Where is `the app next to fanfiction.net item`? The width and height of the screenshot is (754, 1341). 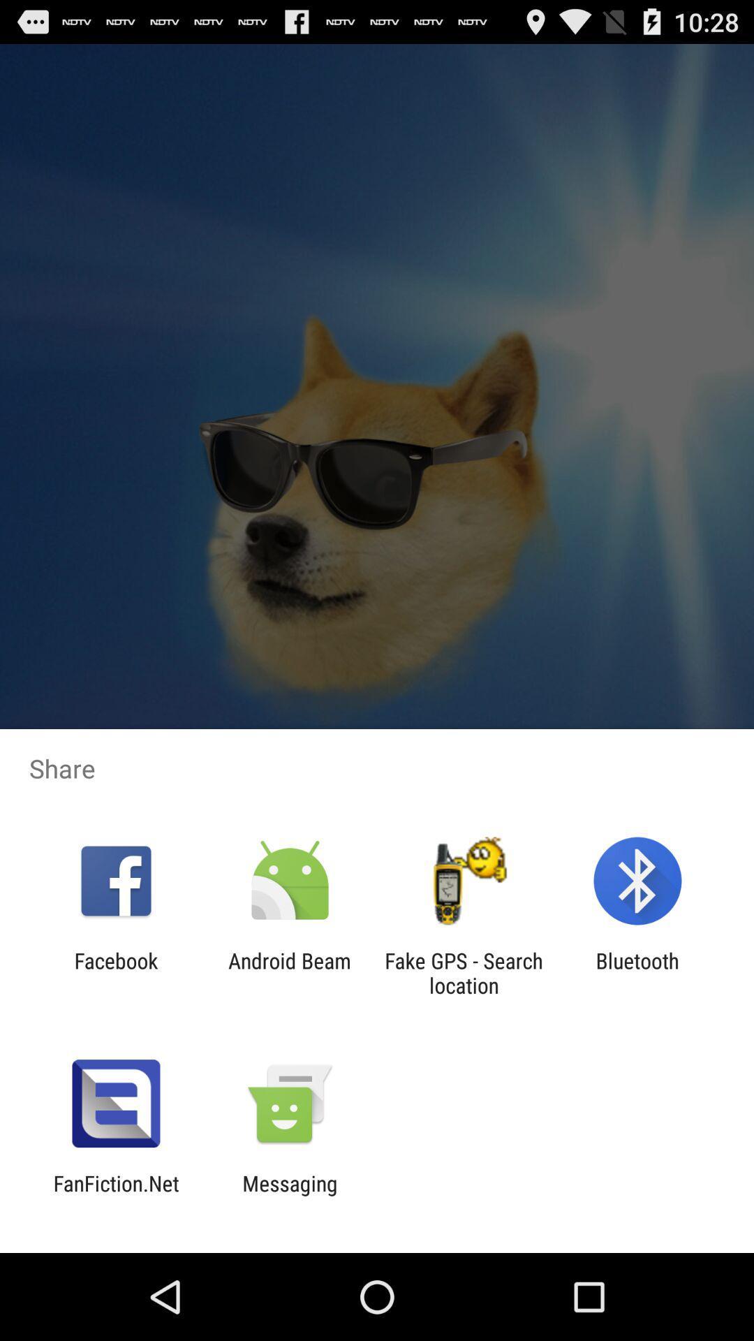 the app next to fanfiction.net item is located at coordinates (289, 1195).